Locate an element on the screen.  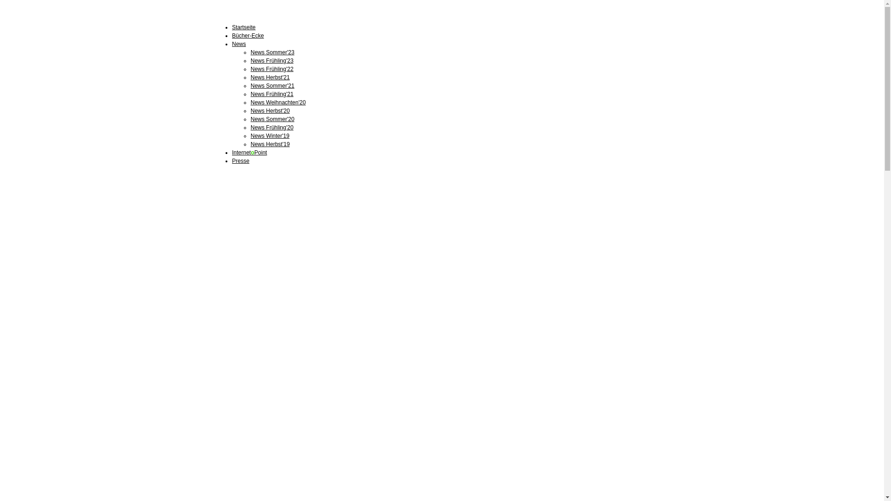
'News Herbst'21' is located at coordinates (269, 77).